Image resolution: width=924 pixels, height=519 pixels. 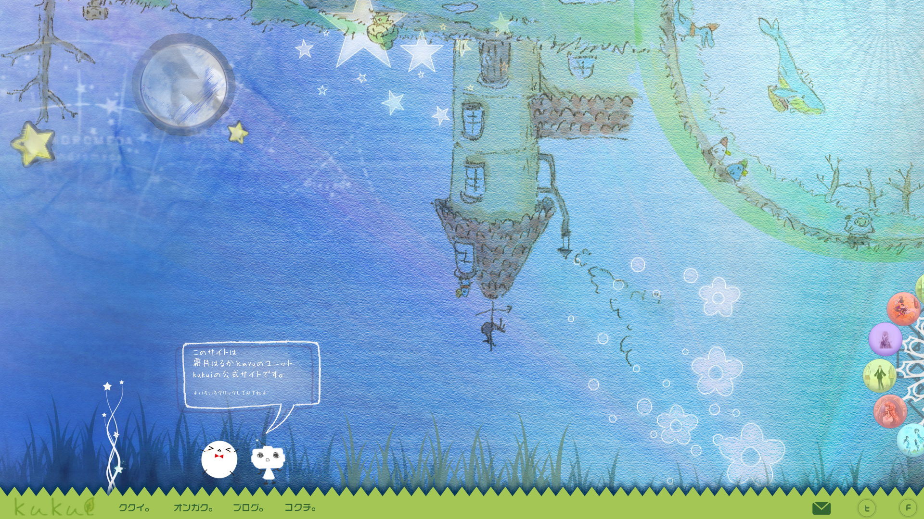 I want to click on 'Click to enlarge', so click(x=238, y=467).